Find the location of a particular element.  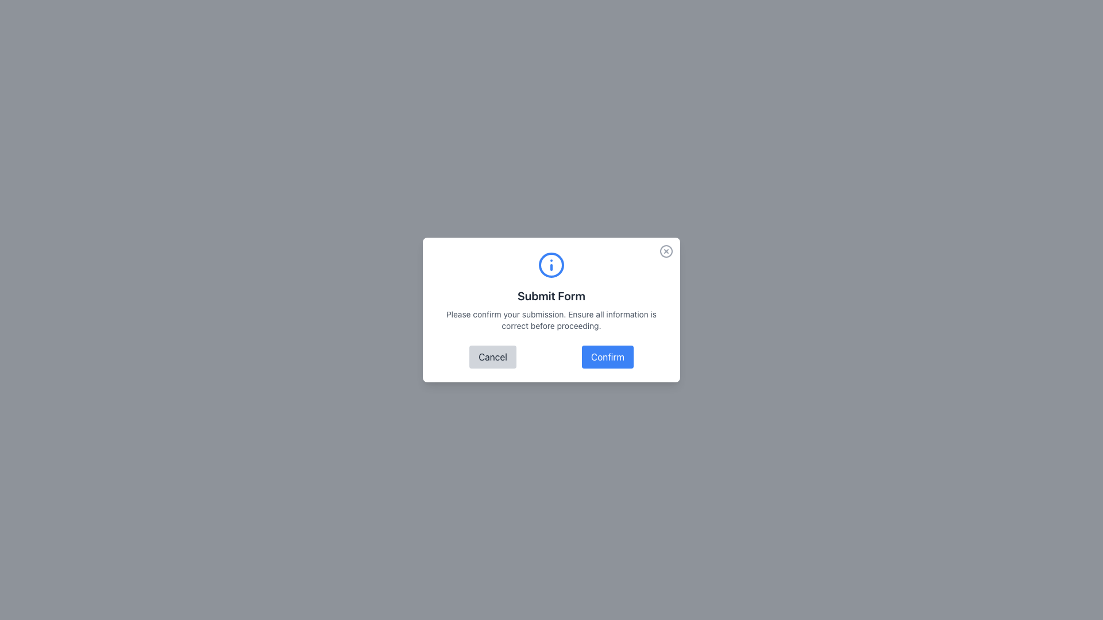

the 'Cancel' button, which has a light gray background and darker gray text, located in the lower-left portion of the modal dialog box is located at coordinates (493, 356).